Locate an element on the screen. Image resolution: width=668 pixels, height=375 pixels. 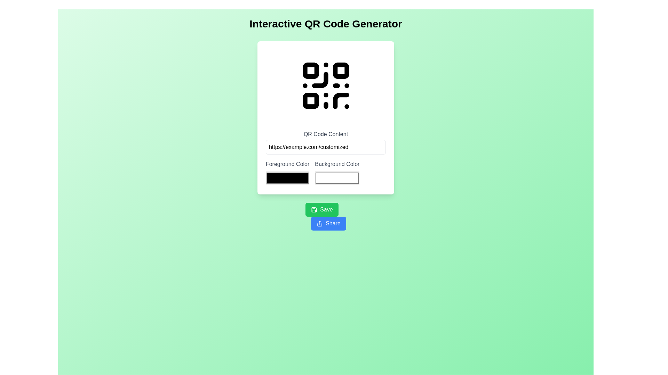
the share button located to the right of the green 'Save' button, which initiates a sharing process for the generated QR code or its associated data is located at coordinates (328, 224).